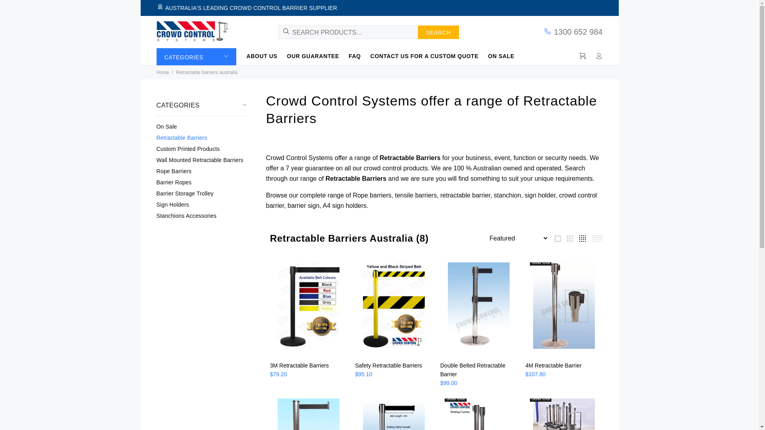  Describe the element at coordinates (473, 370) in the screenshot. I see `'Double Belted Retractable Barrier'` at that location.